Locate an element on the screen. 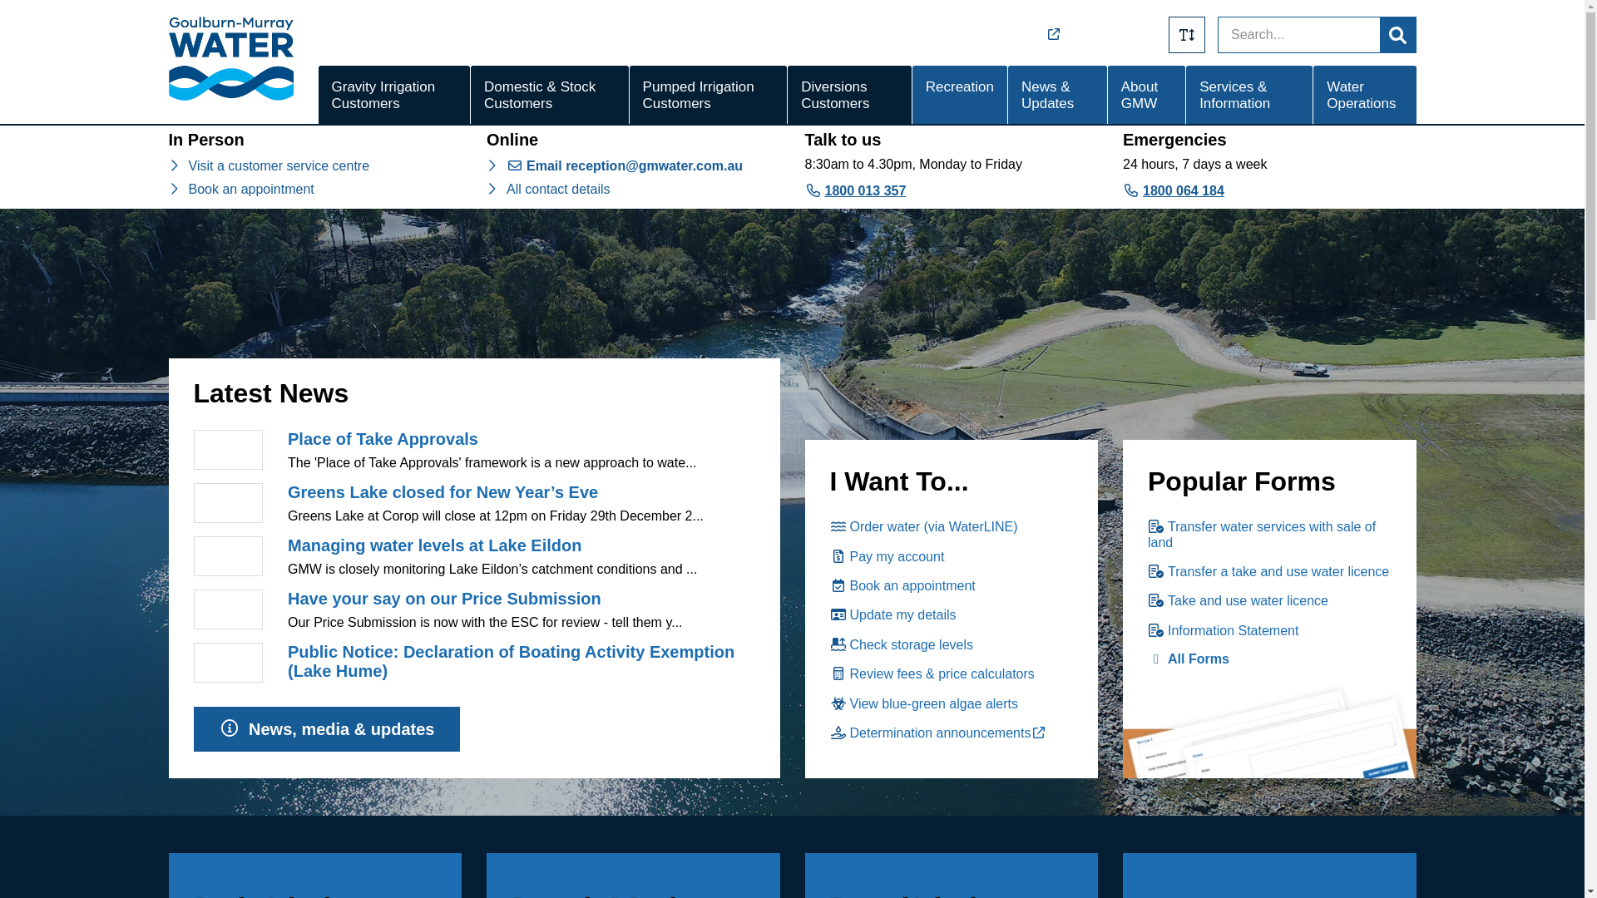 This screenshot has height=898, width=1597. 'All contact details' is located at coordinates (558, 188).